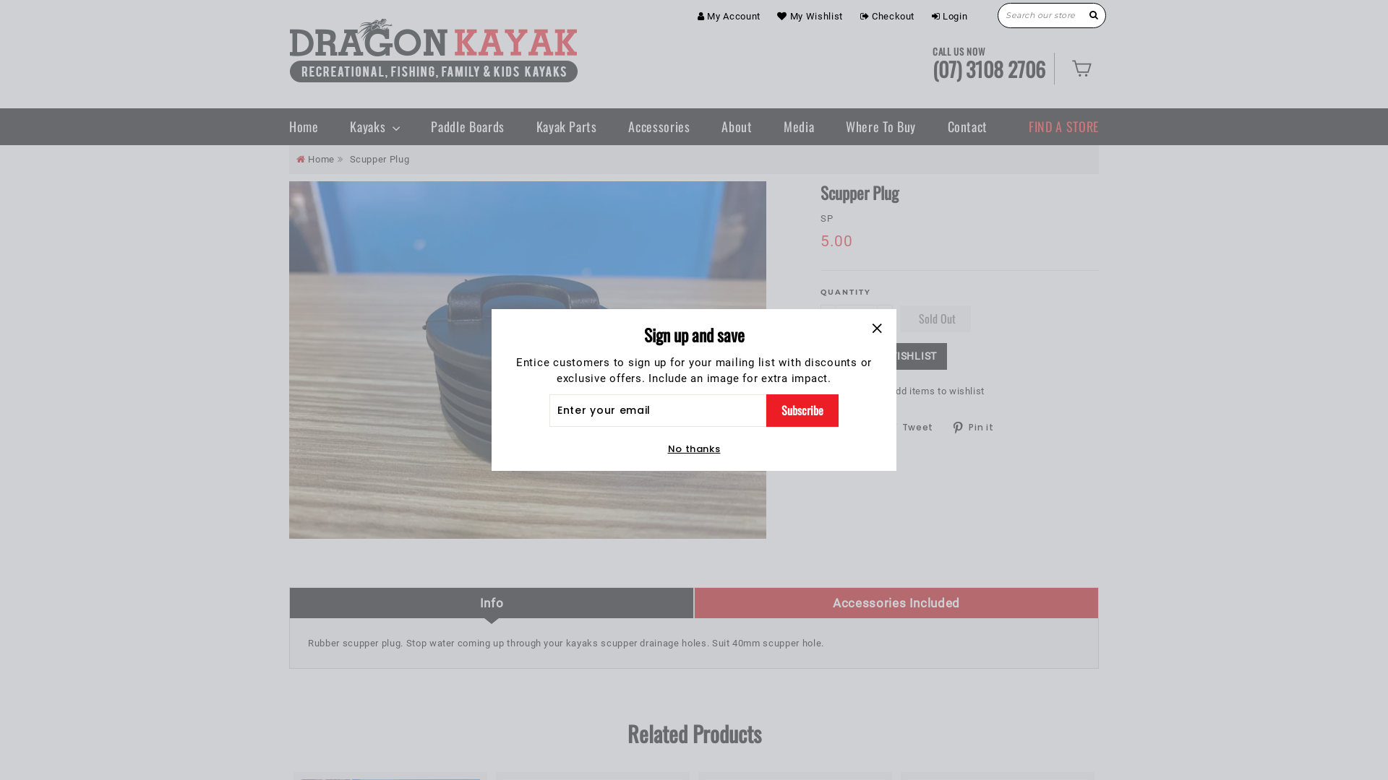 Image resolution: width=1388 pixels, height=780 pixels. Describe the element at coordinates (492, 602) in the screenshot. I see `'Info'` at that location.